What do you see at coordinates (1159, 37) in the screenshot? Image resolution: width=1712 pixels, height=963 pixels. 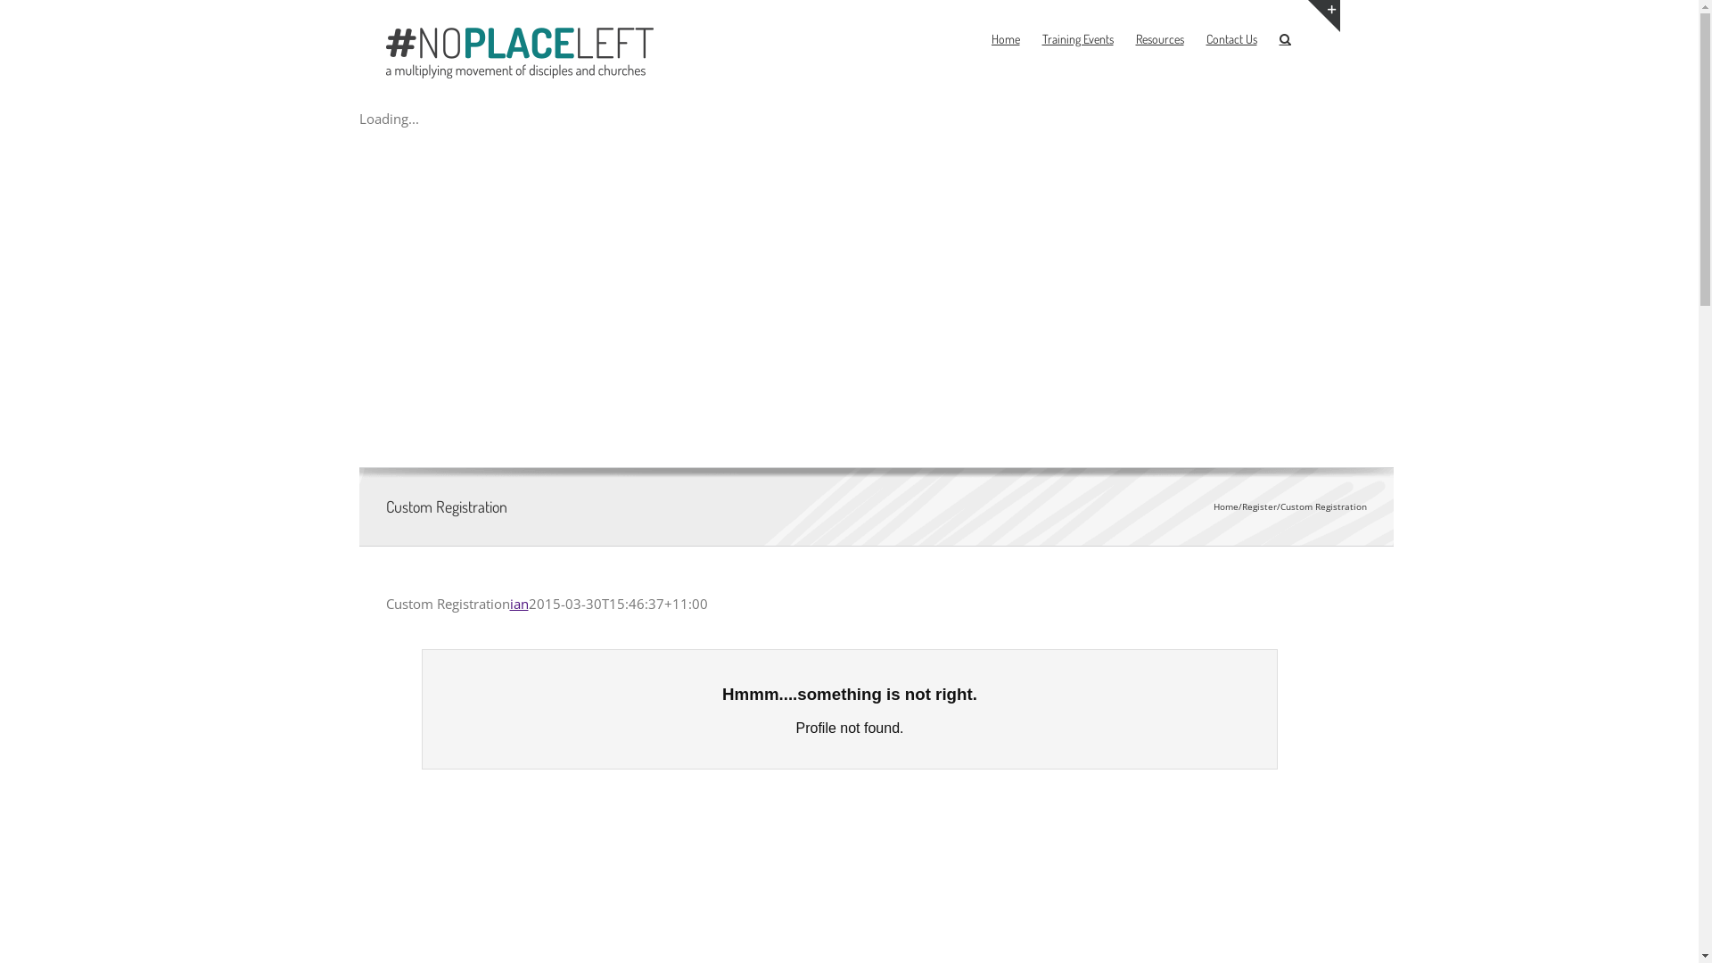 I see `'Resources'` at bounding box center [1159, 37].